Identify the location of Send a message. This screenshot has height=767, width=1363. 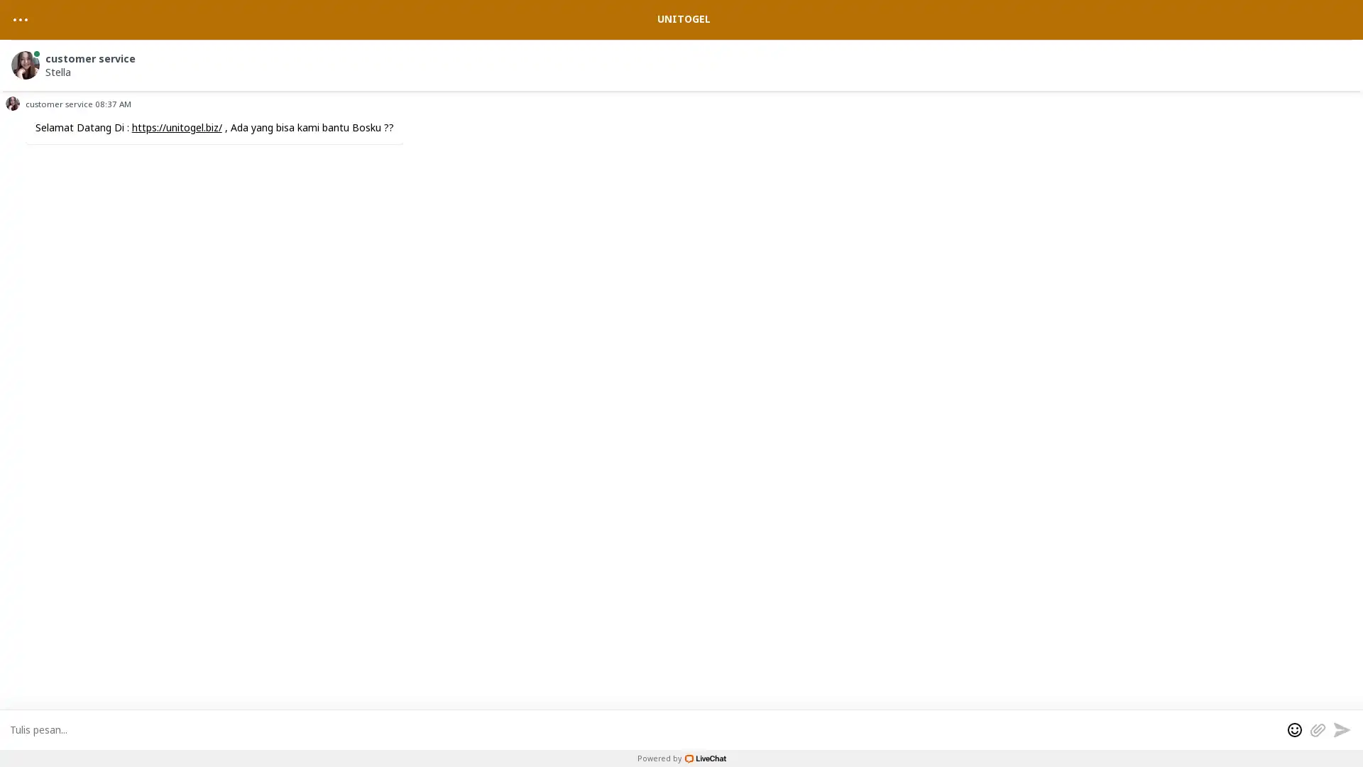
(1341, 729).